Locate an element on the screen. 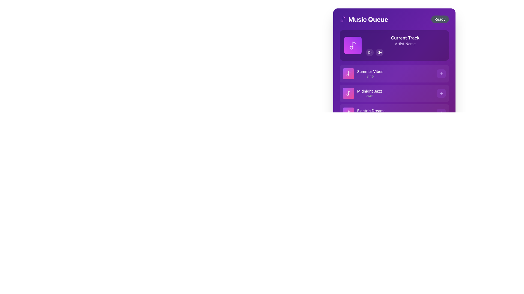  the Icon element representing the music track 'Summer Vibes', located to the left of the text and serving as a clickable area is located at coordinates (348, 73).